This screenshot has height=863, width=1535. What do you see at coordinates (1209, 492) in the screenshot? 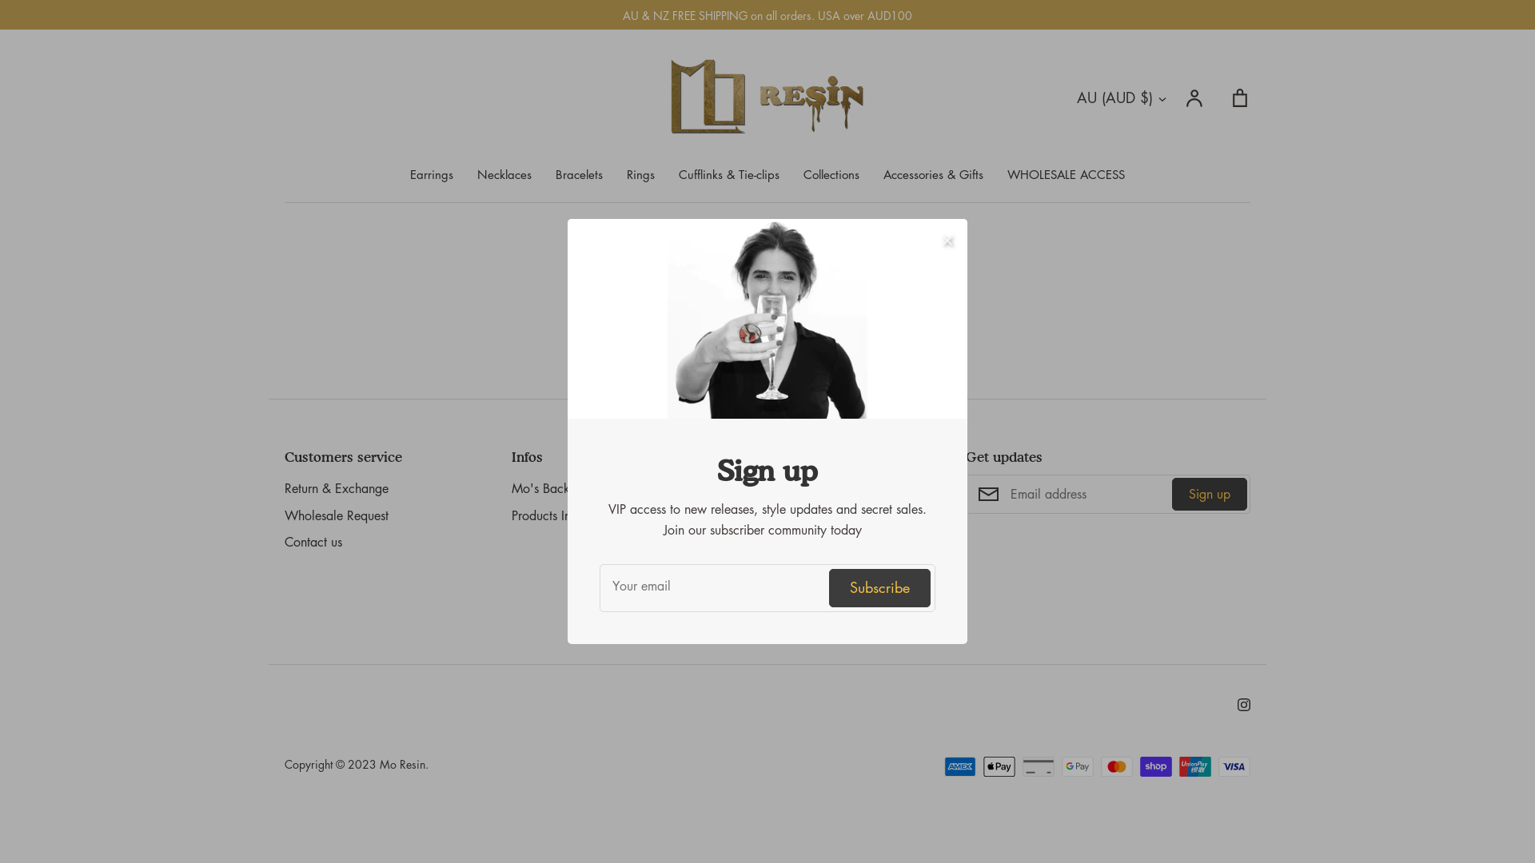
I see `'Sign up'` at bounding box center [1209, 492].